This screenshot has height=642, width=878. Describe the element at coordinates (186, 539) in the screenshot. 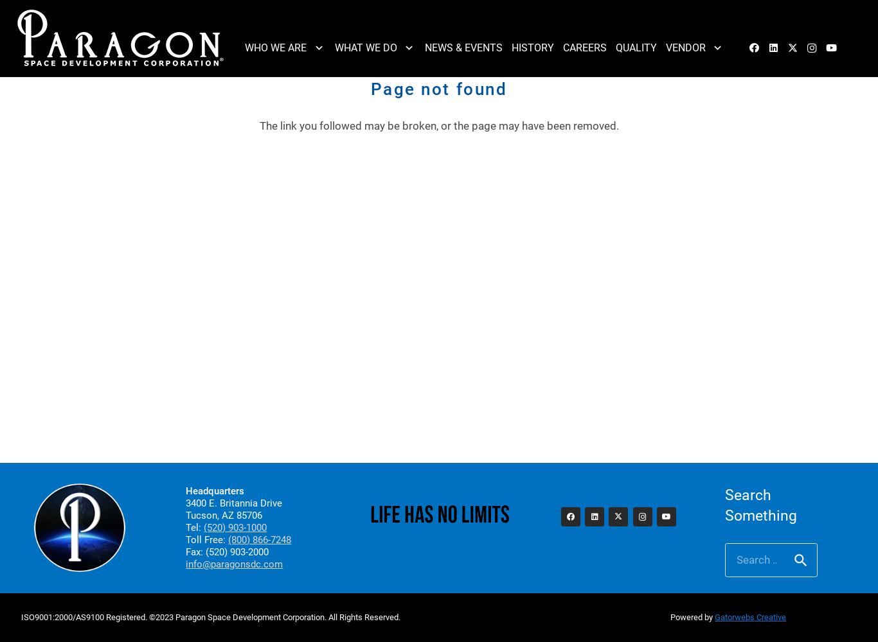

I see `'Toll Free:'` at that location.